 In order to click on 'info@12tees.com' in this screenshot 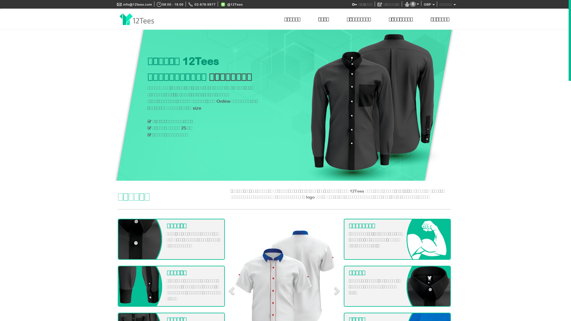, I will do `click(134, 4)`.